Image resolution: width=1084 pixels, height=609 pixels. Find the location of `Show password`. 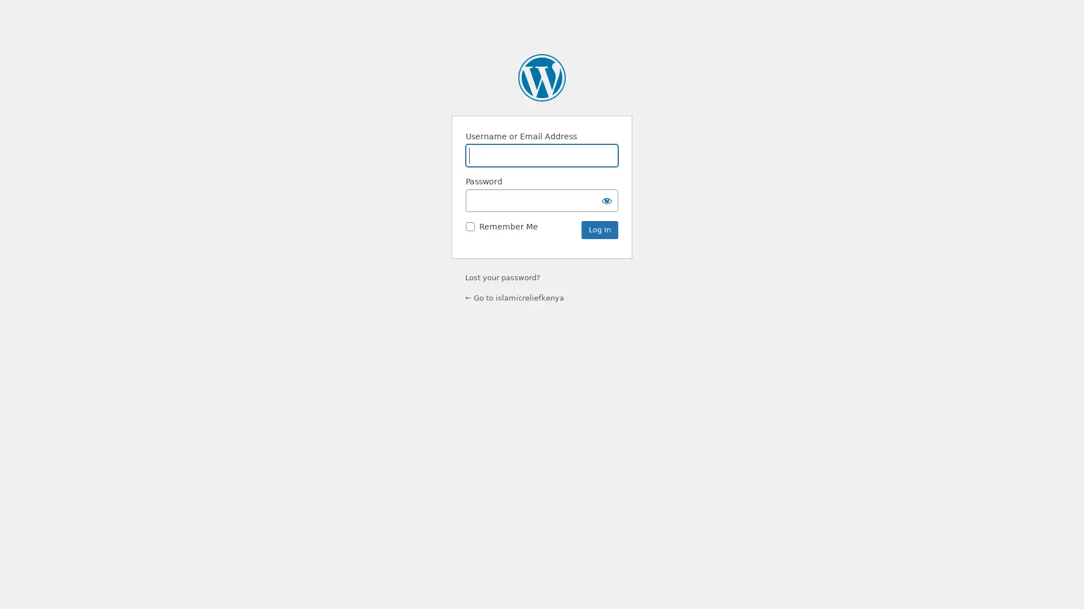

Show password is located at coordinates (606, 200).